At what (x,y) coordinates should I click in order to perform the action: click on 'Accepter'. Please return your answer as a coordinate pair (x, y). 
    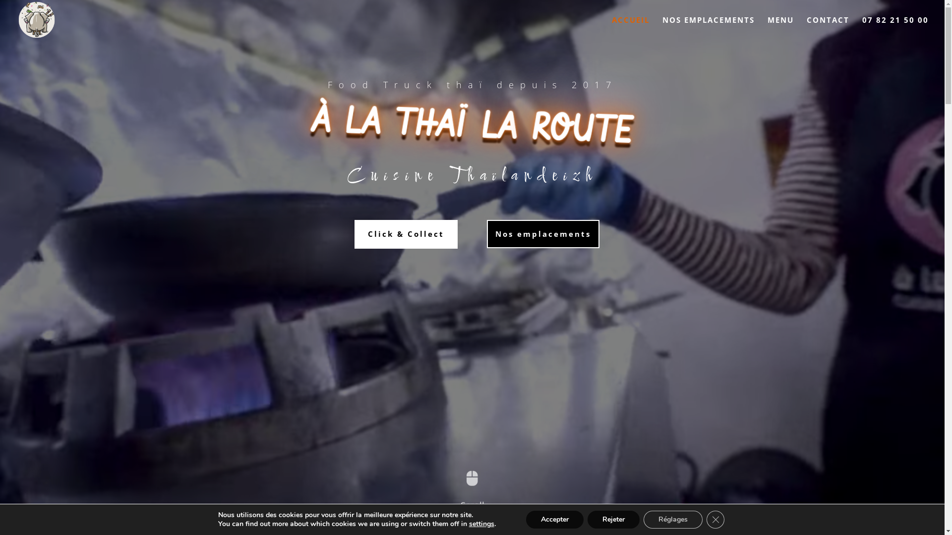
    Looking at the image, I should click on (554, 519).